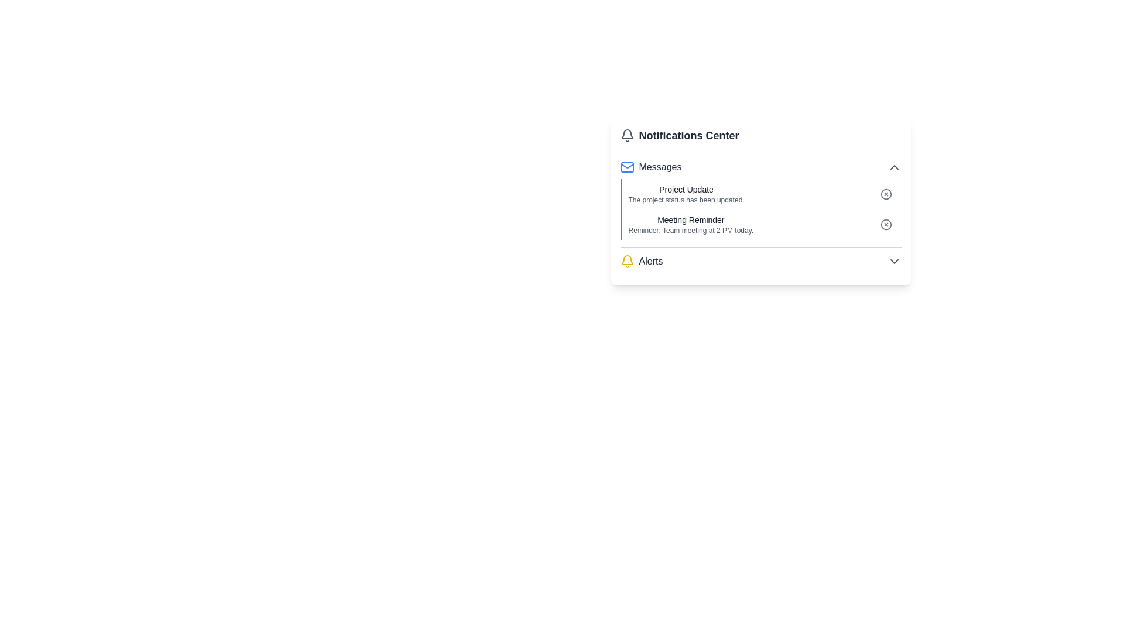 The width and height of the screenshot is (1124, 632). What do you see at coordinates (626, 261) in the screenshot?
I see `the alert notification icon located adjacent to the 'Alerts' label in the lower portion of the 'Notifications Center' interface` at bounding box center [626, 261].